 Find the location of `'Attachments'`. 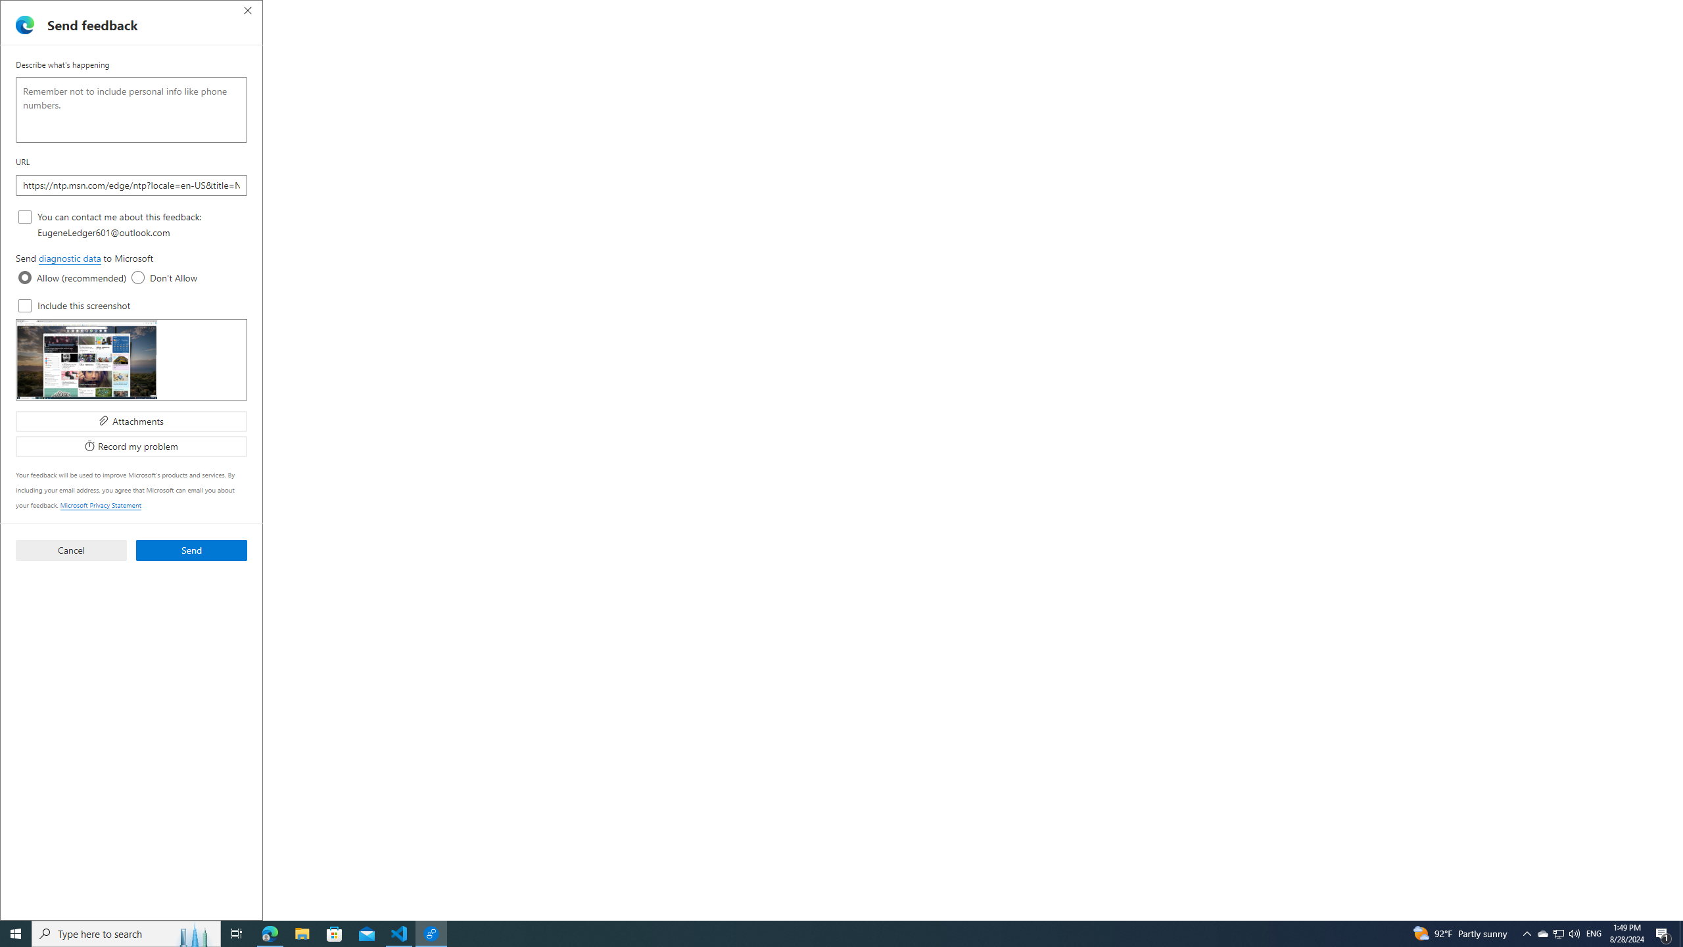

'Attachments' is located at coordinates (131, 420).